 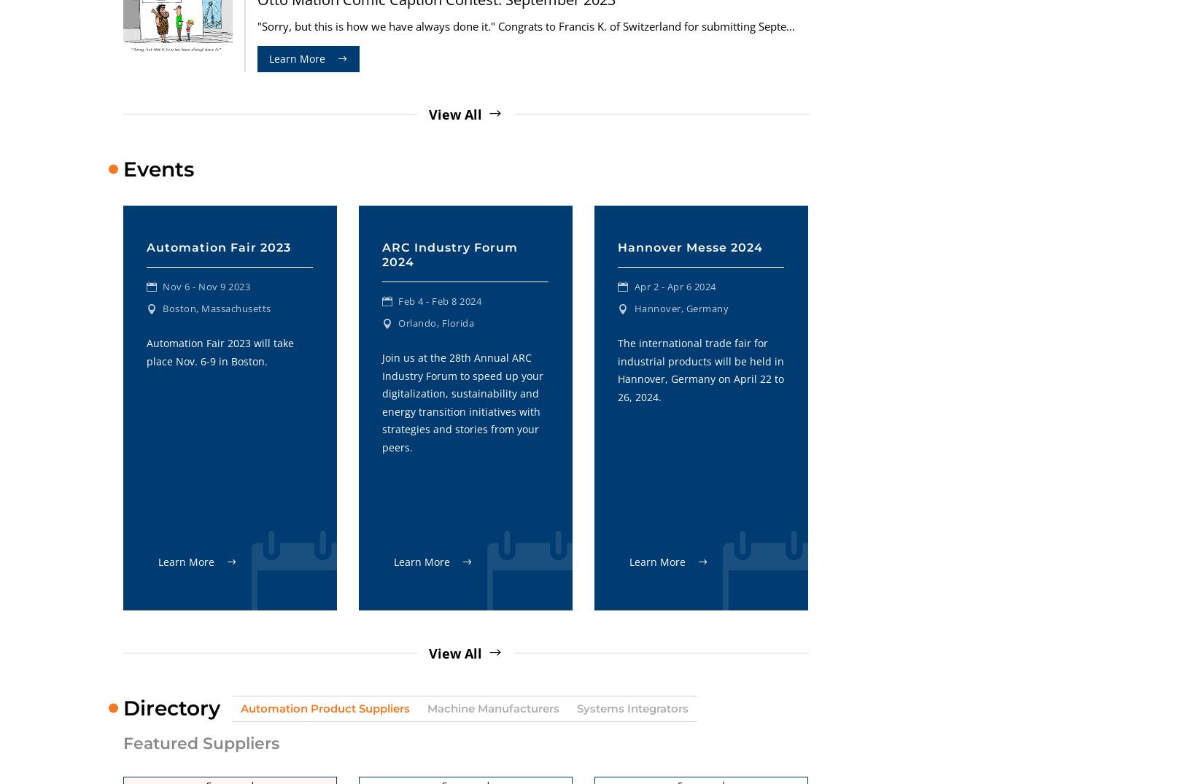 I want to click on 'Apr 2 - Apr 6 2024', so click(x=674, y=285).